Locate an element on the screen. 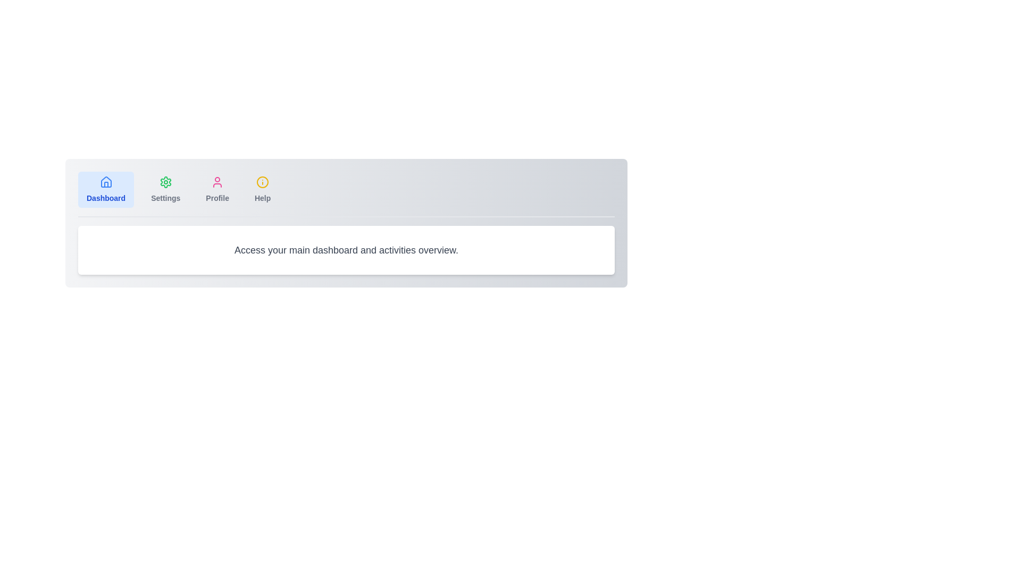 The image size is (1021, 574). the Profile tab to view its content is located at coordinates (217, 189).